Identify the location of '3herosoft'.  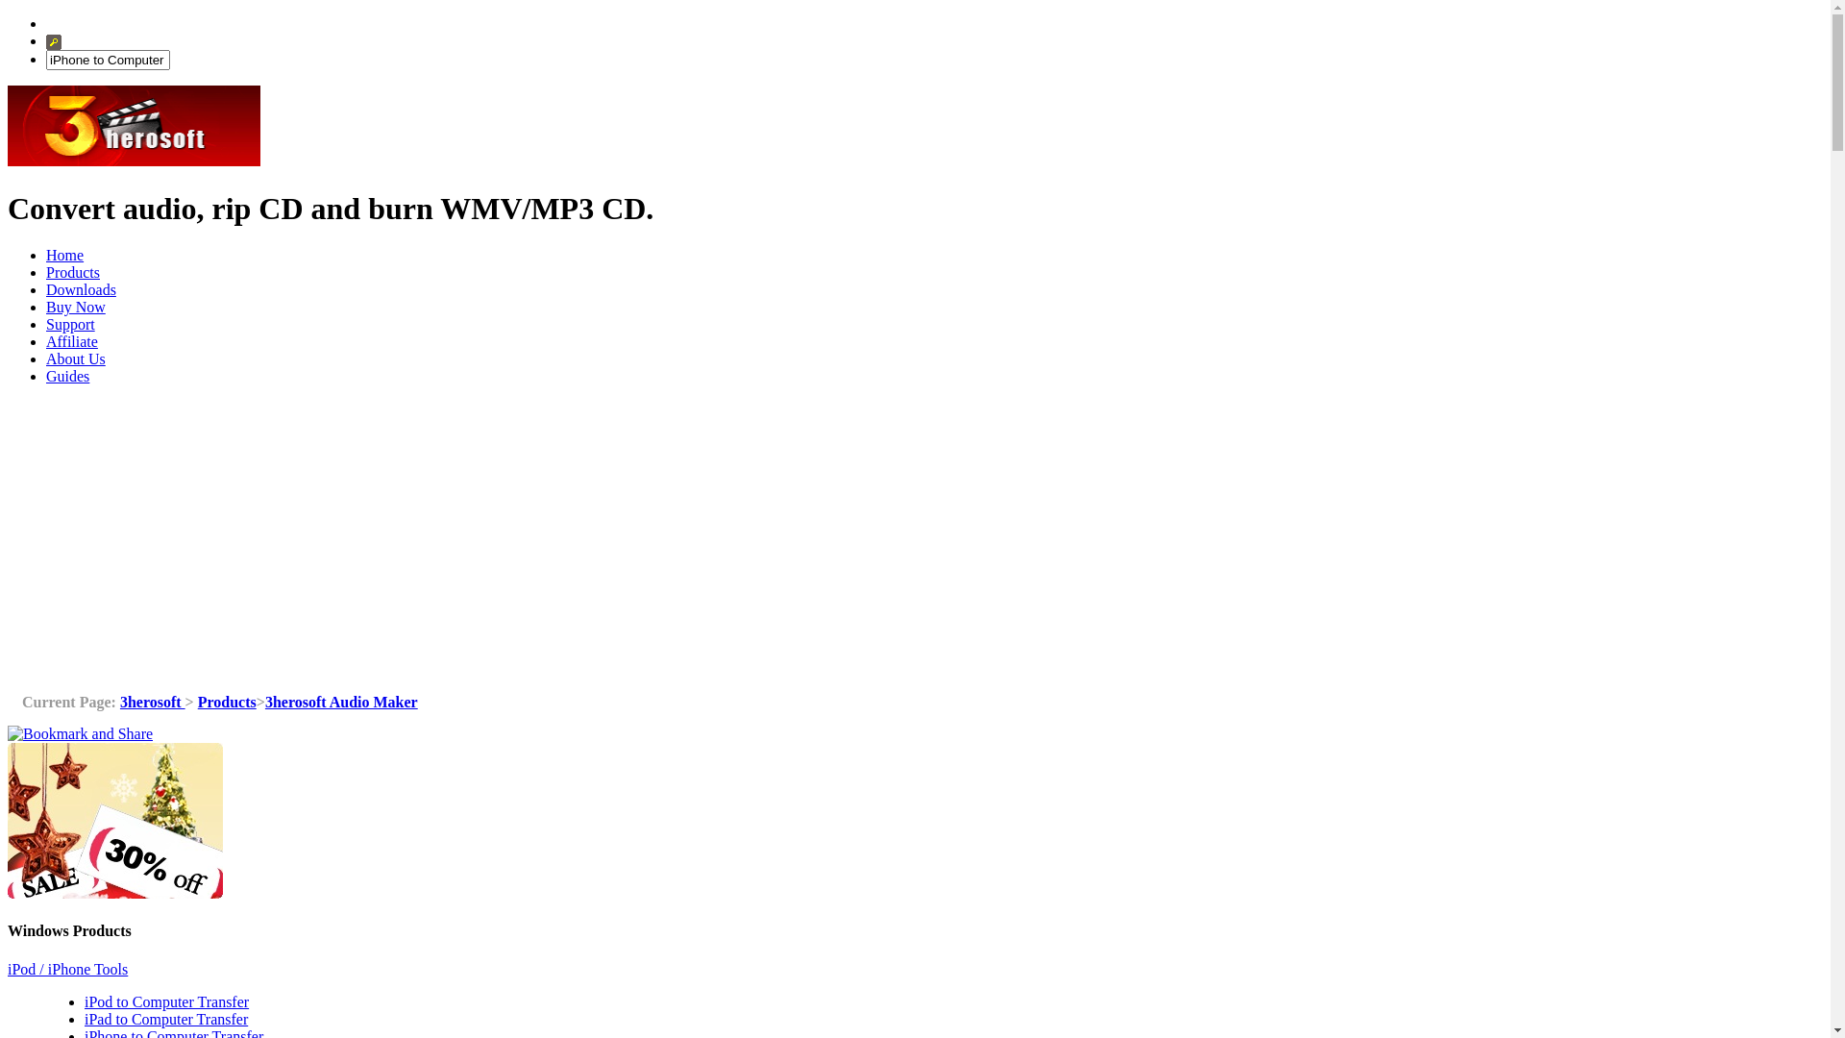
(151, 702).